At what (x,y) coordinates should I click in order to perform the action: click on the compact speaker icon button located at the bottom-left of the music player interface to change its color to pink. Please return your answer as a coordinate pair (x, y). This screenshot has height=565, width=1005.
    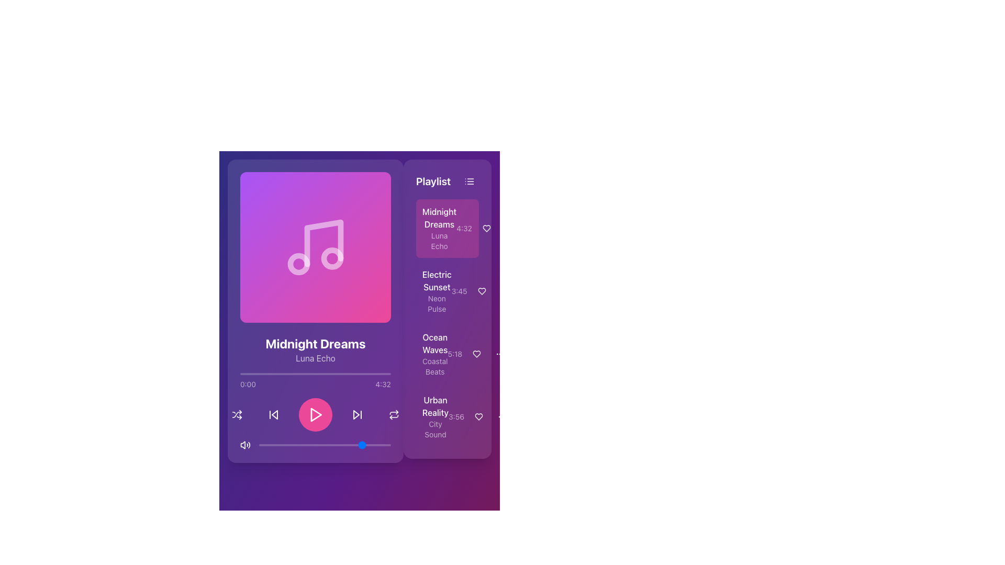
    Looking at the image, I should click on (245, 445).